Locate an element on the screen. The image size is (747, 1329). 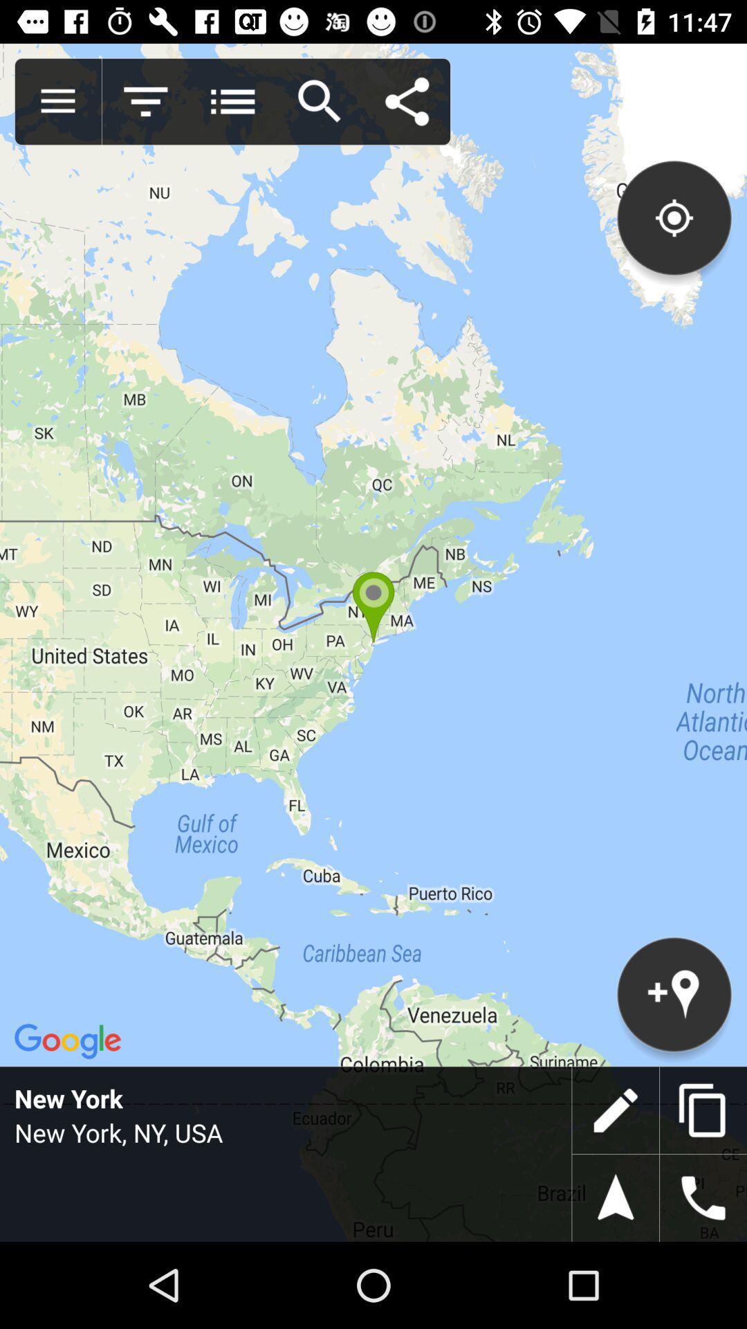
search icon is located at coordinates (320, 101).